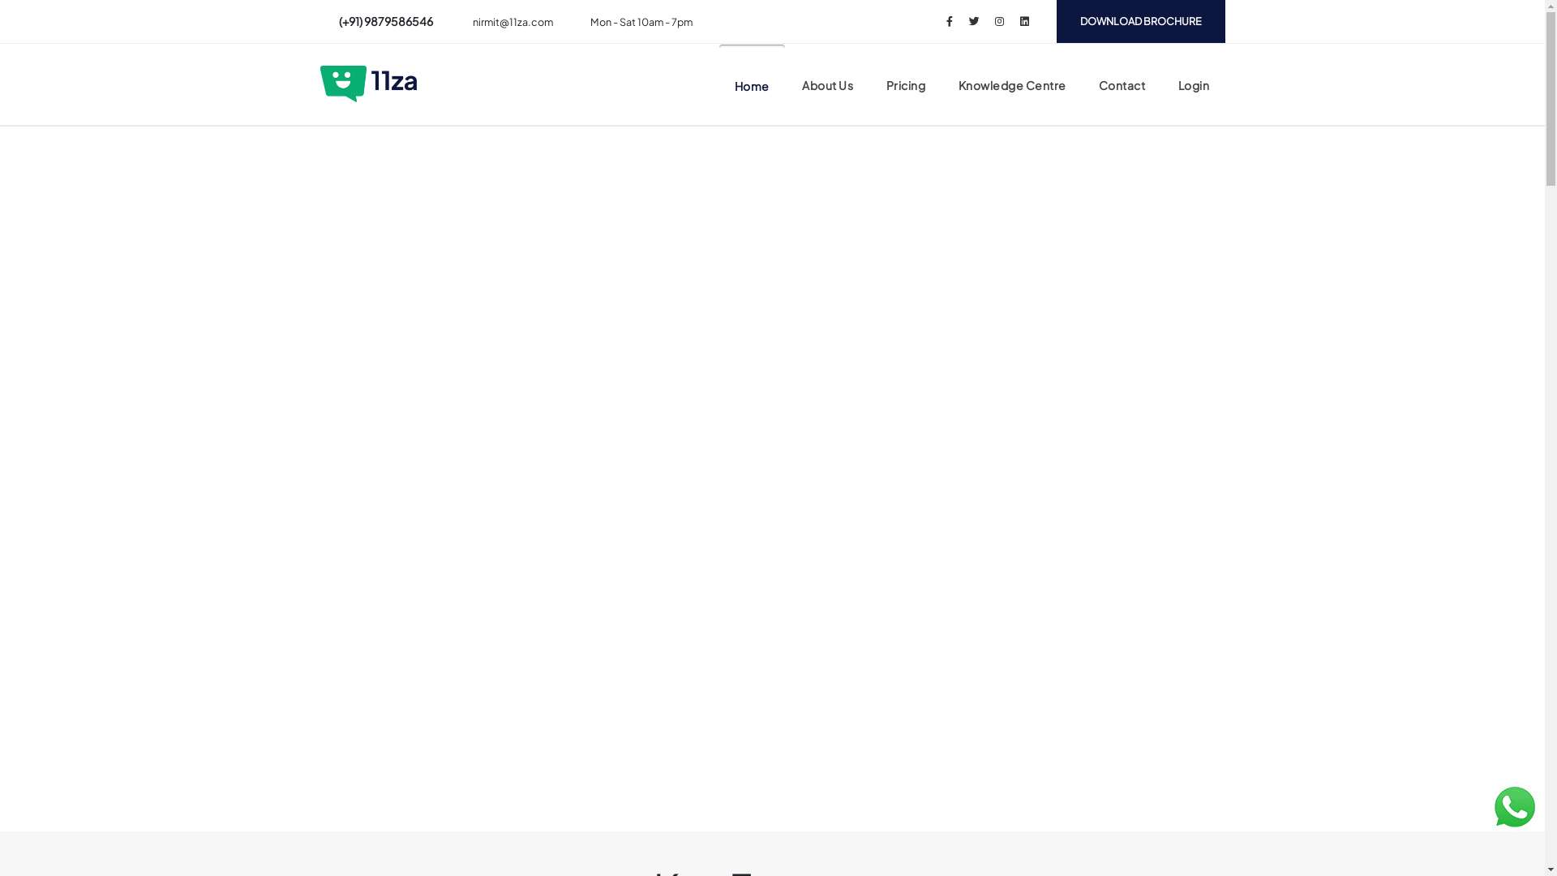 This screenshot has width=1557, height=876. I want to click on 'Instagram', so click(998, 21).